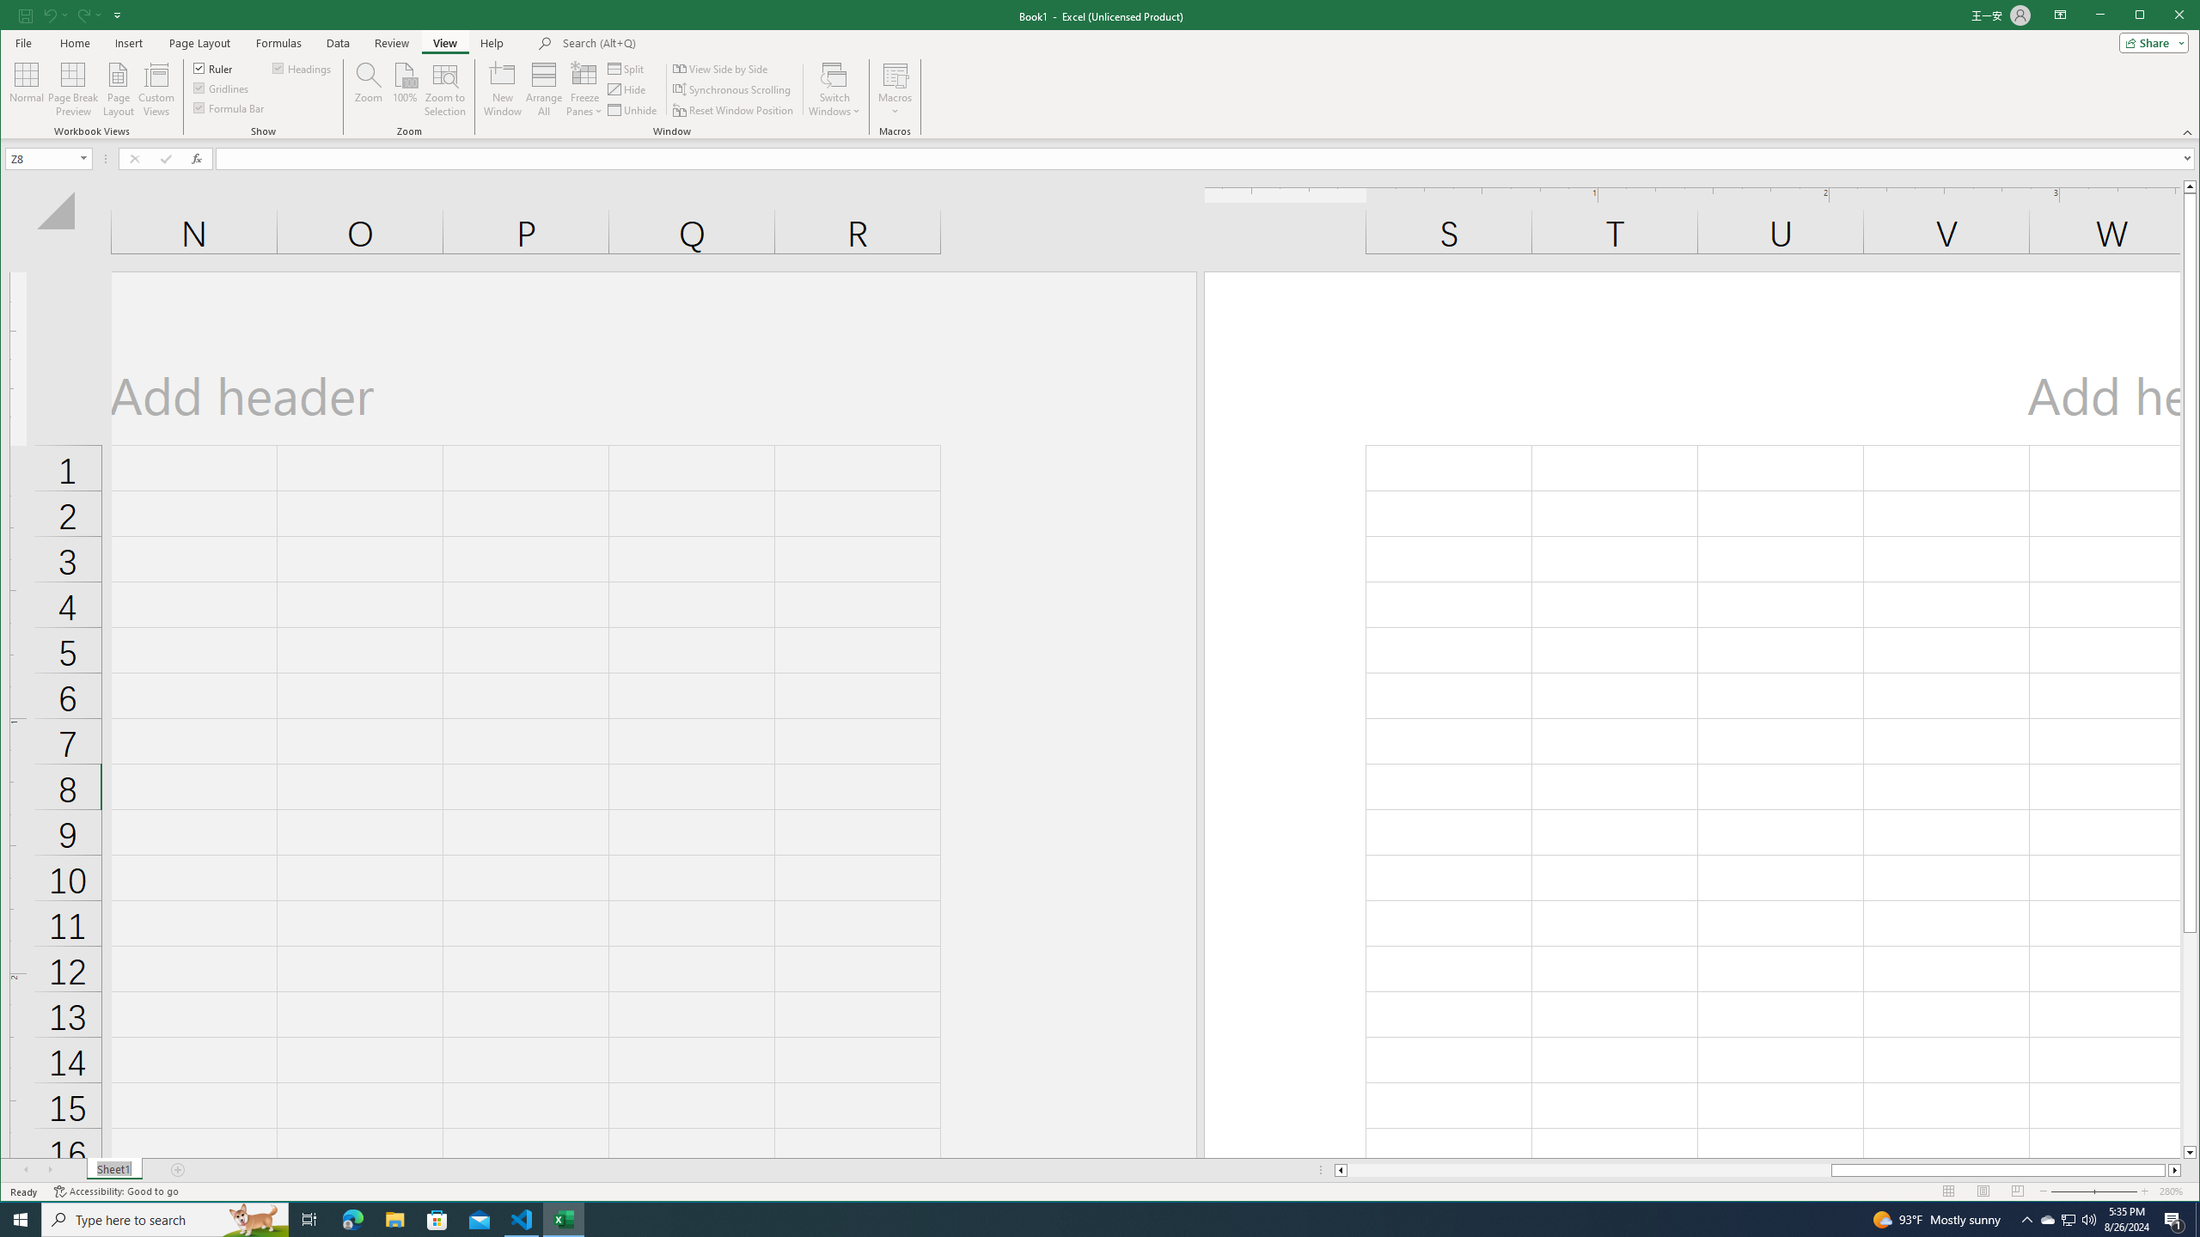 The image size is (2200, 1237). I want to click on 'Add Sheet', so click(178, 1170).